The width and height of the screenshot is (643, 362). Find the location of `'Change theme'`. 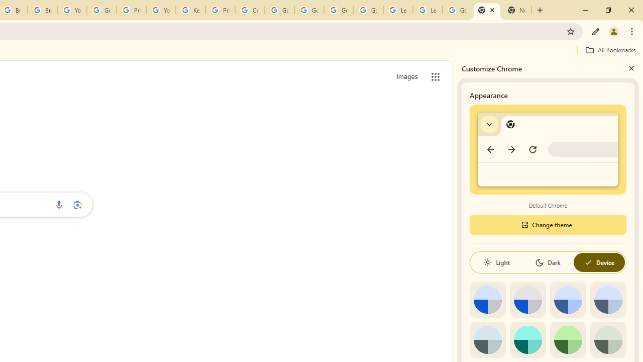

'Change theme' is located at coordinates (547, 224).